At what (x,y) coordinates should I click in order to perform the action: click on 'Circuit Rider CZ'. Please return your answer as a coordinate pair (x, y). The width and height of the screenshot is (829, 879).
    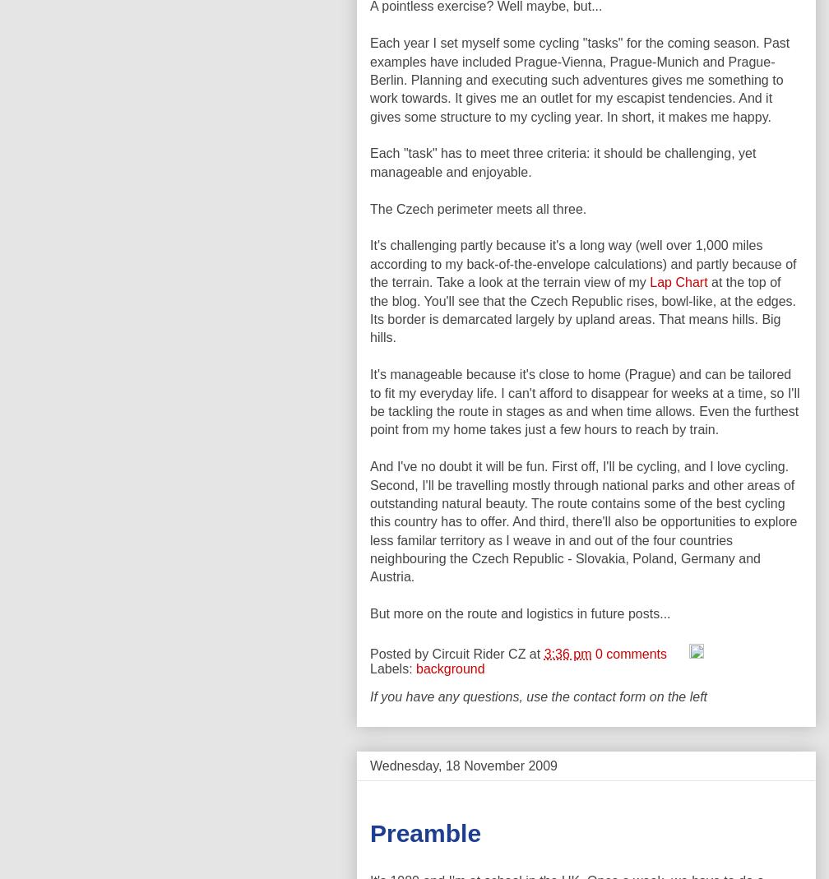
    Looking at the image, I should click on (479, 653).